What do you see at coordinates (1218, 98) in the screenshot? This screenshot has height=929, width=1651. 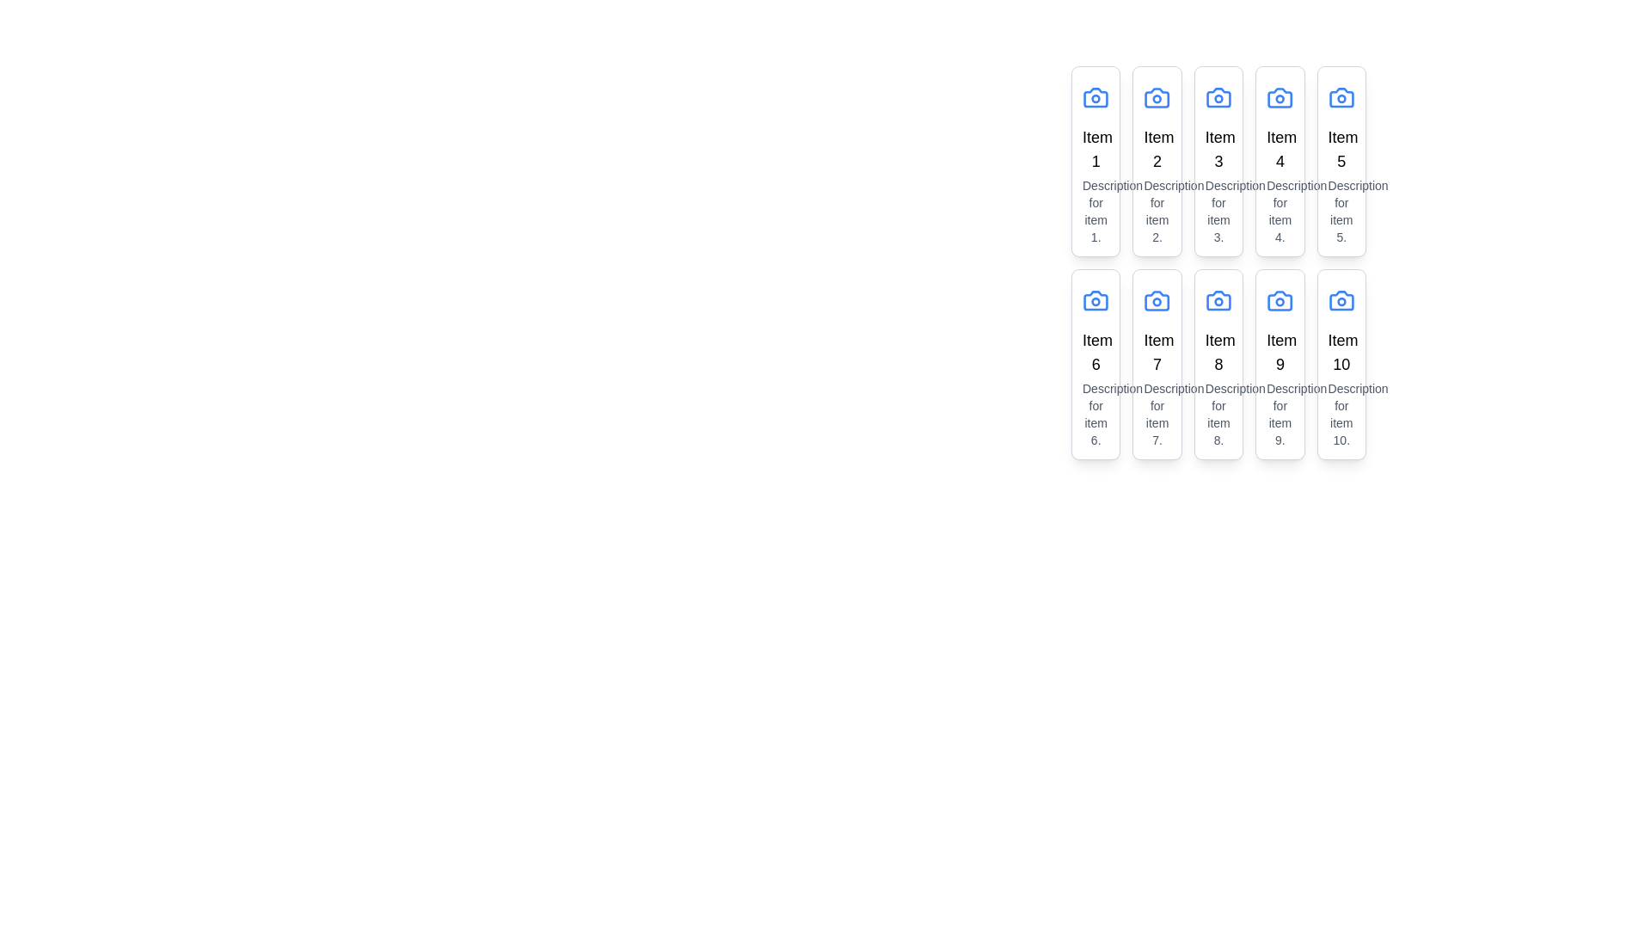 I see `the blue camera icon located at the top center of the 'Item 3' card` at bounding box center [1218, 98].